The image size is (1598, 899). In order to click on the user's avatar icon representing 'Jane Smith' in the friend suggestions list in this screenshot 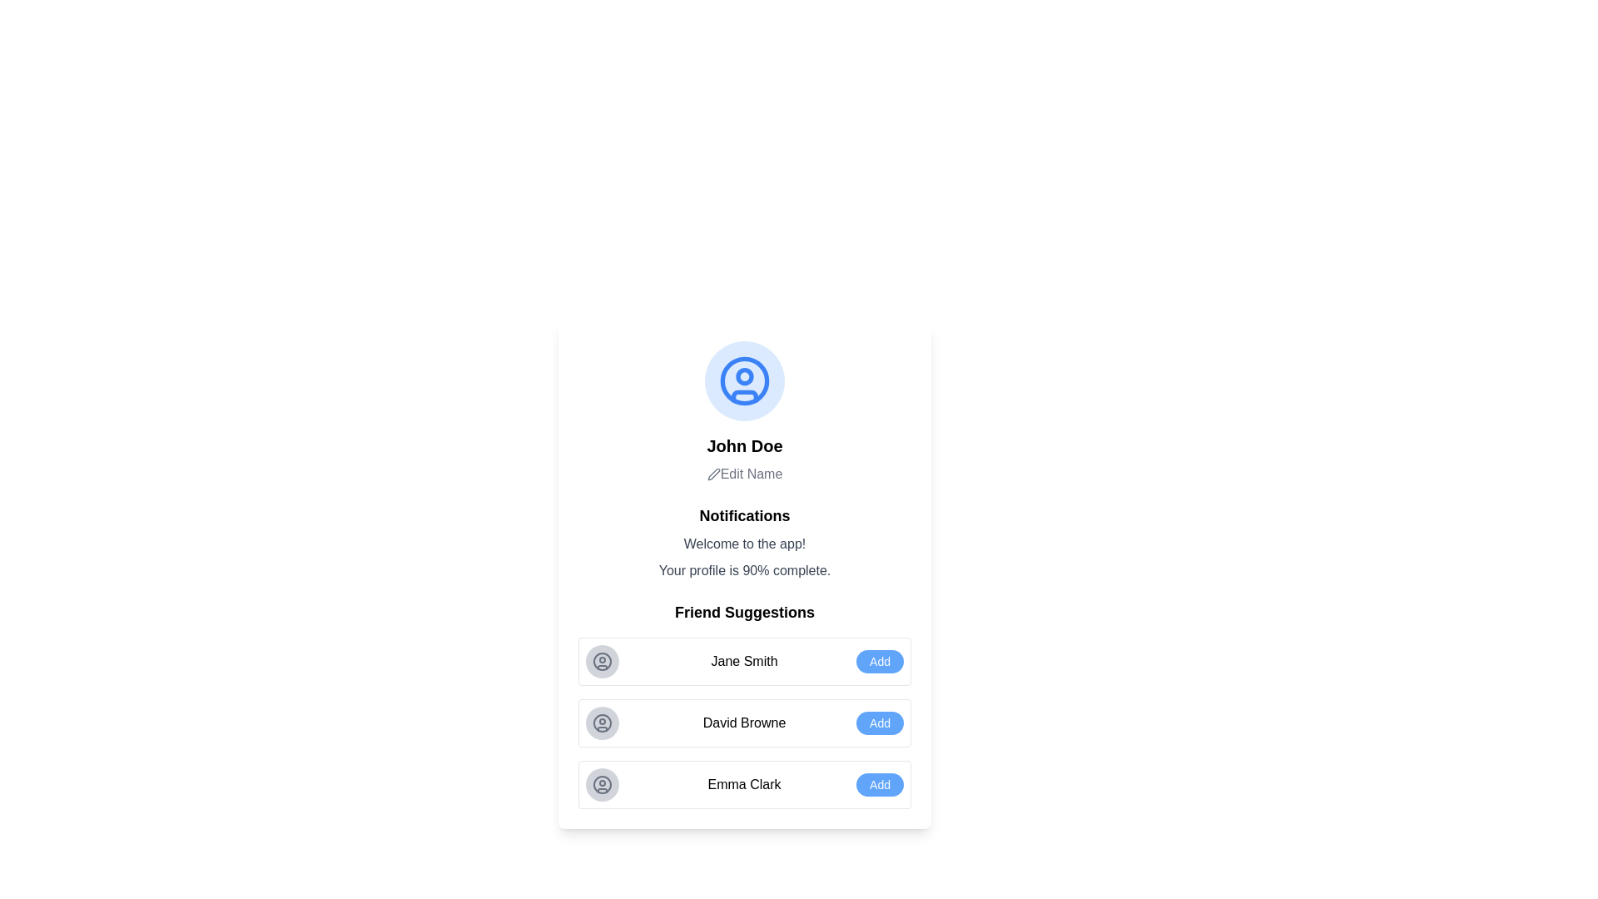, I will do `click(602, 660)`.